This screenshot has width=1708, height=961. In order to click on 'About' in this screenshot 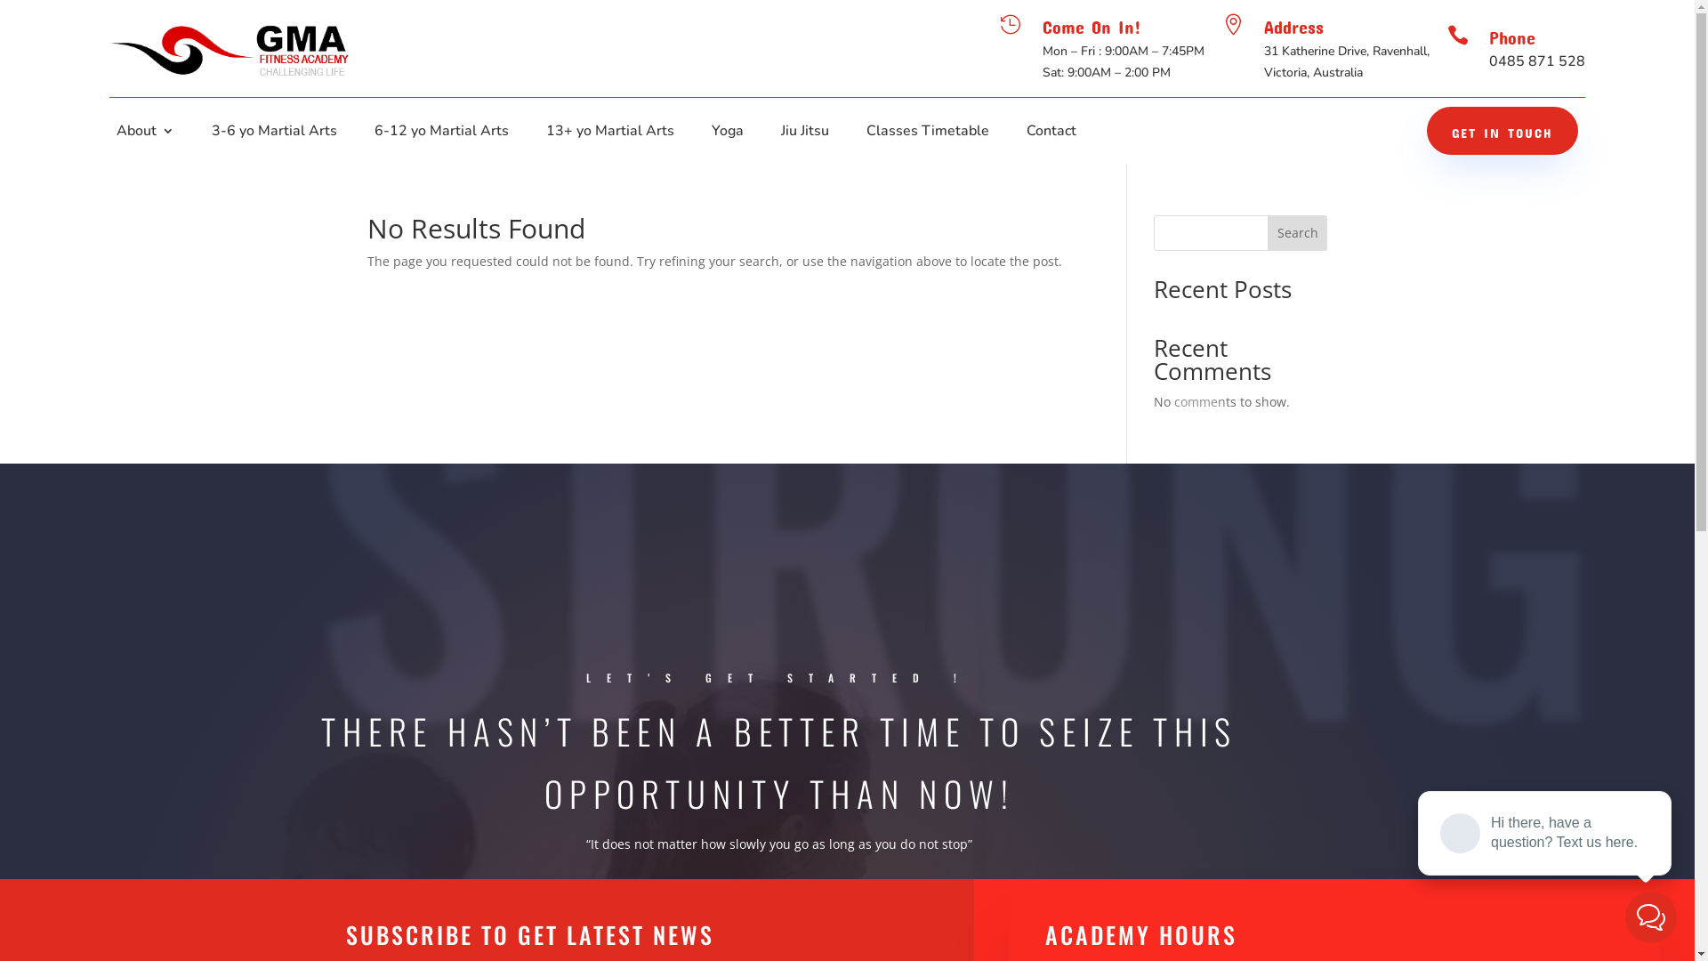, I will do `click(115, 133)`.